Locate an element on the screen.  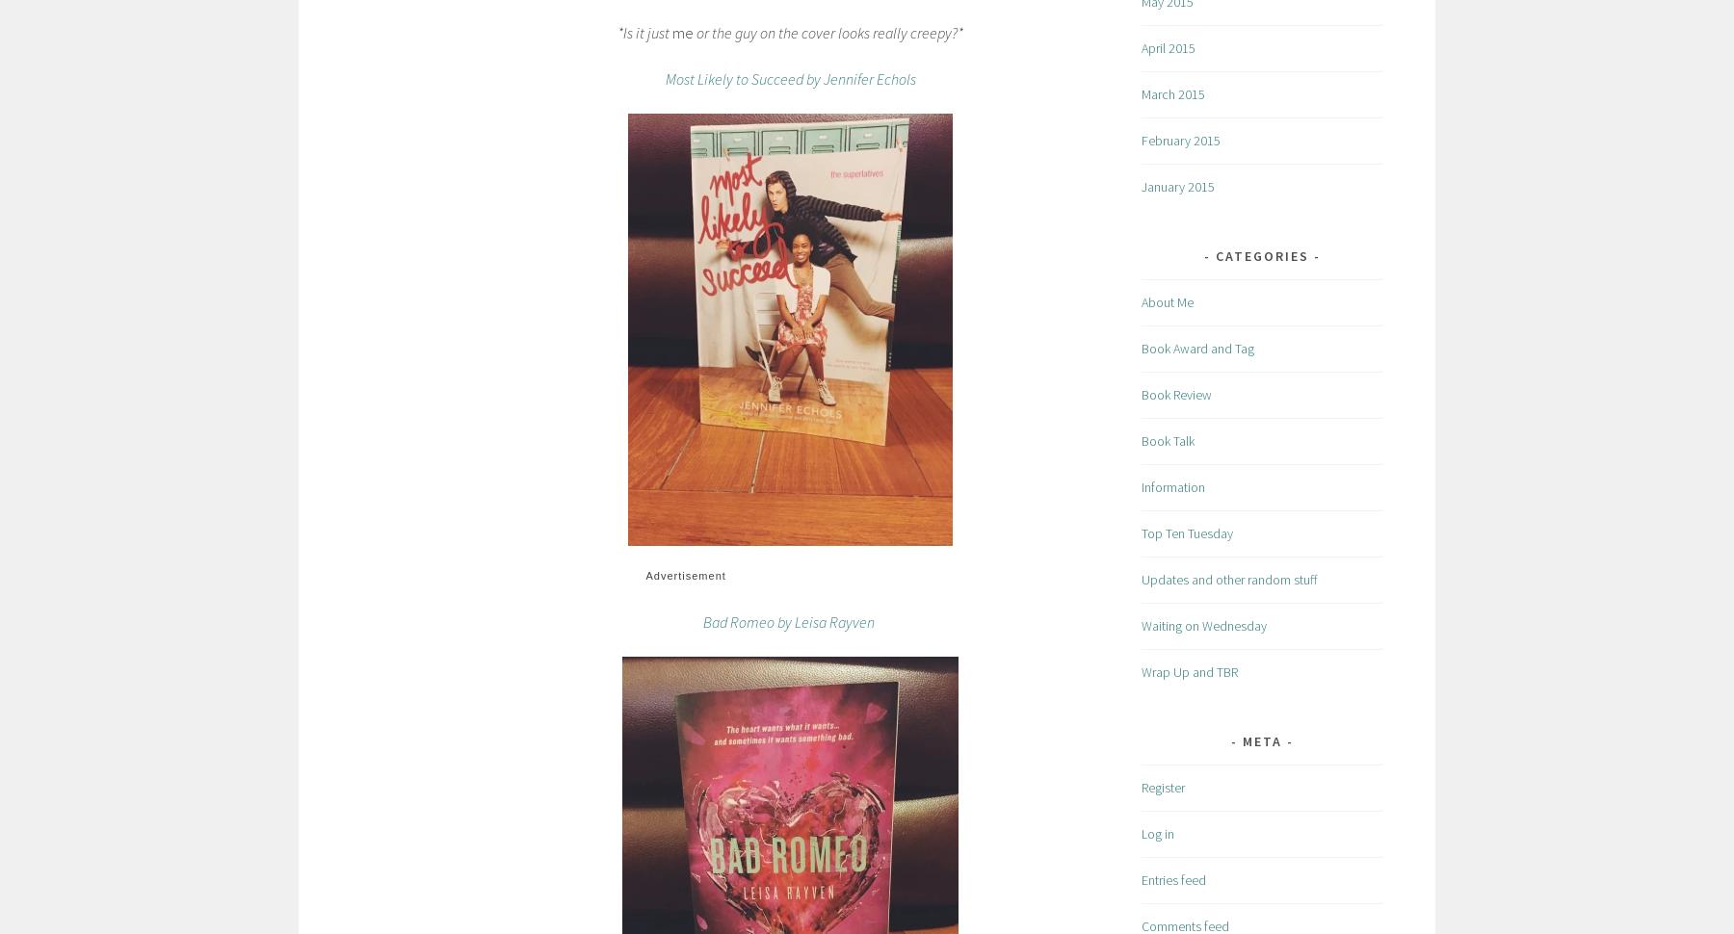
'Advertisement' is located at coordinates (644, 575).